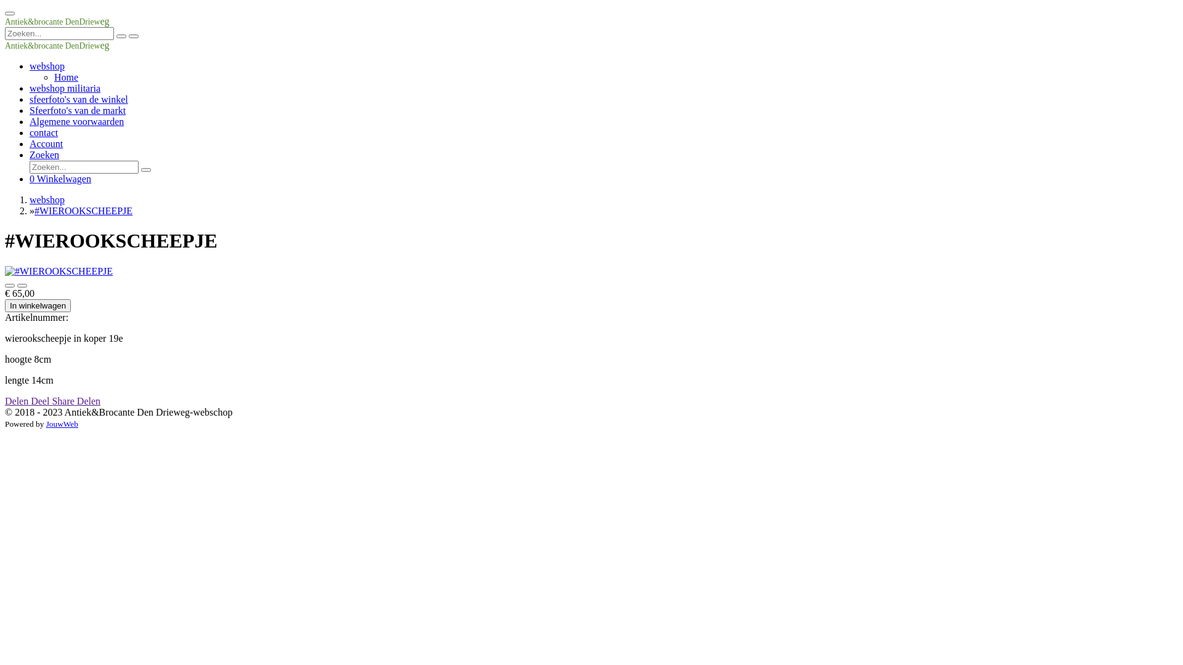  Describe the element at coordinates (30, 121) in the screenshot. I see `'Algemene voorwaarden'` at that location.